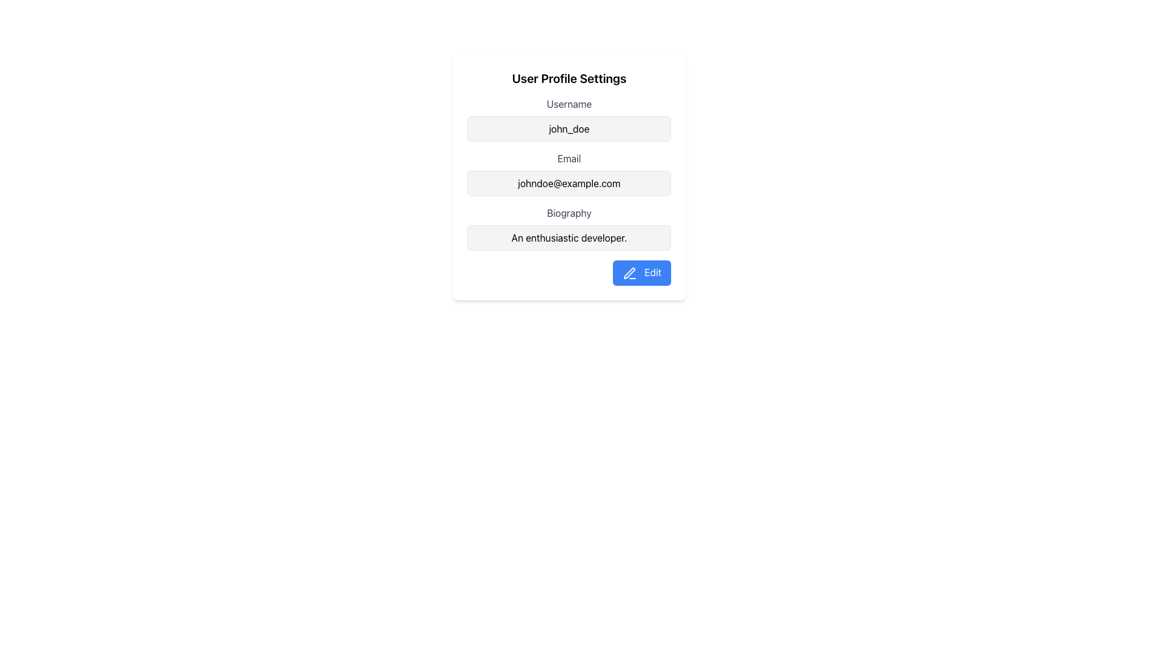 This screenshot has width=1164, height=654. What do you see at coordinates (641, 272) in the screenshot?
I see `the 'Edit' button, which is a rectangular button with rounded edges, featuring a blue background and white text, located at the bottom-right corner of the user profile settings card` at bounding box center [641, 272].